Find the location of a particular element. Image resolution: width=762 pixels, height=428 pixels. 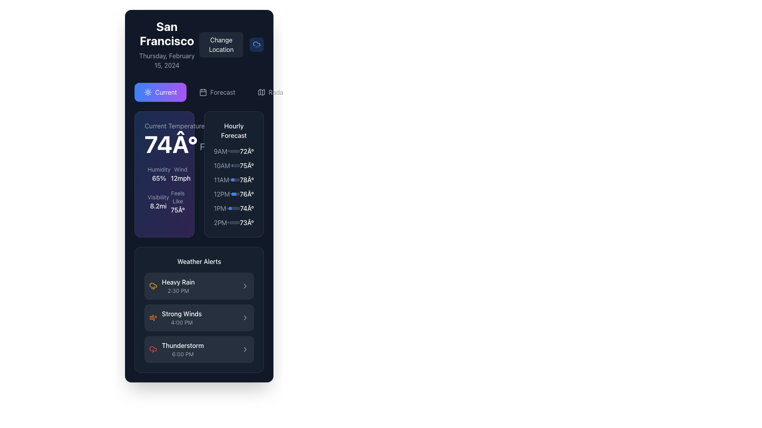

the 'feels like' temperature text display located in the information card below the main temperature value '74°' is located at coordinates (177, 201).